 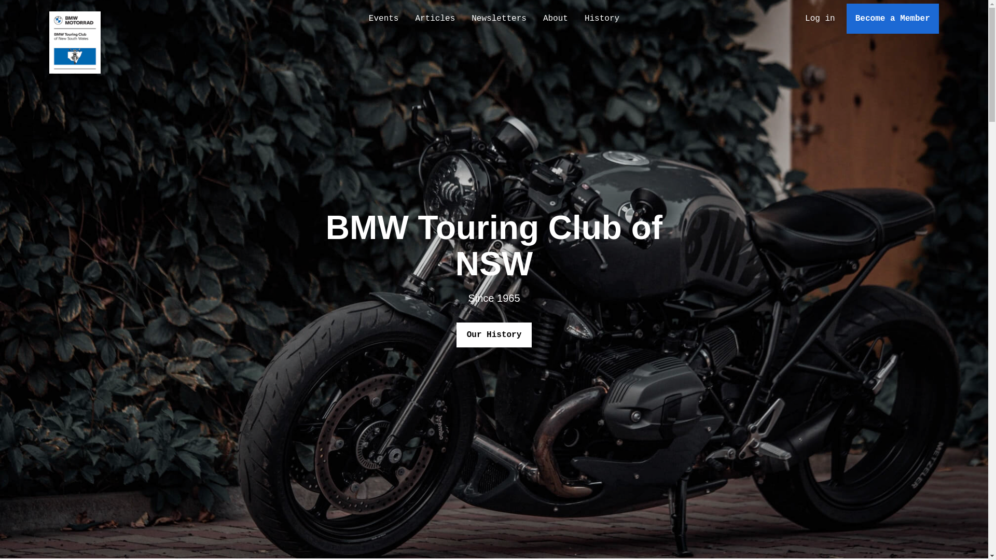 What do you see at coordinates (494, 334) in the screenshot?
I see `'Our History'` at bounding box center [494, 334].